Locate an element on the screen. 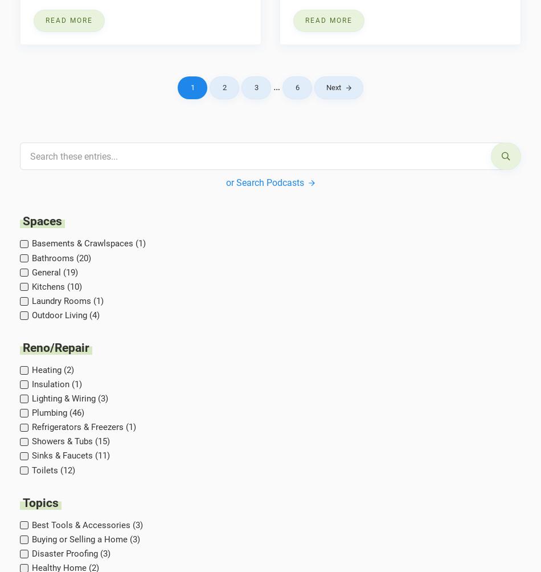 The height and width of the screenshot is (572, 541). 'Buying or Selling a Home (3)' is located at coordinates (85, 538).